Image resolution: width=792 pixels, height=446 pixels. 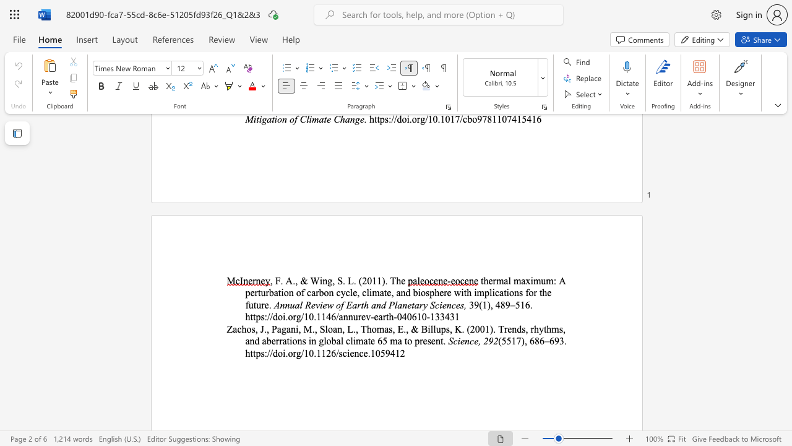 I want to click on the 2th character "l" in the text, so click(x=342, y=341).